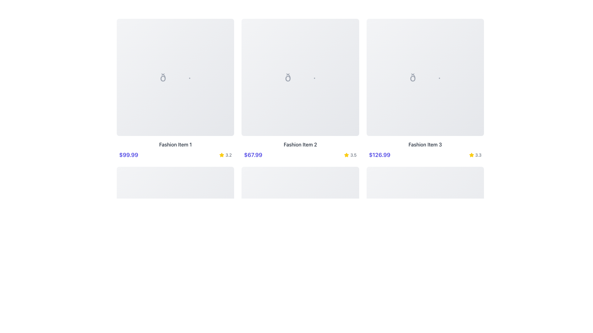 The height and width of the screenshot is (333, 593). What do you see at coordinates (175, 77) in the screenshot?
I see `the image placeholder representing 'Fashion Item 1', which is located at the top of the card layout` at bounding box center [175, 77].